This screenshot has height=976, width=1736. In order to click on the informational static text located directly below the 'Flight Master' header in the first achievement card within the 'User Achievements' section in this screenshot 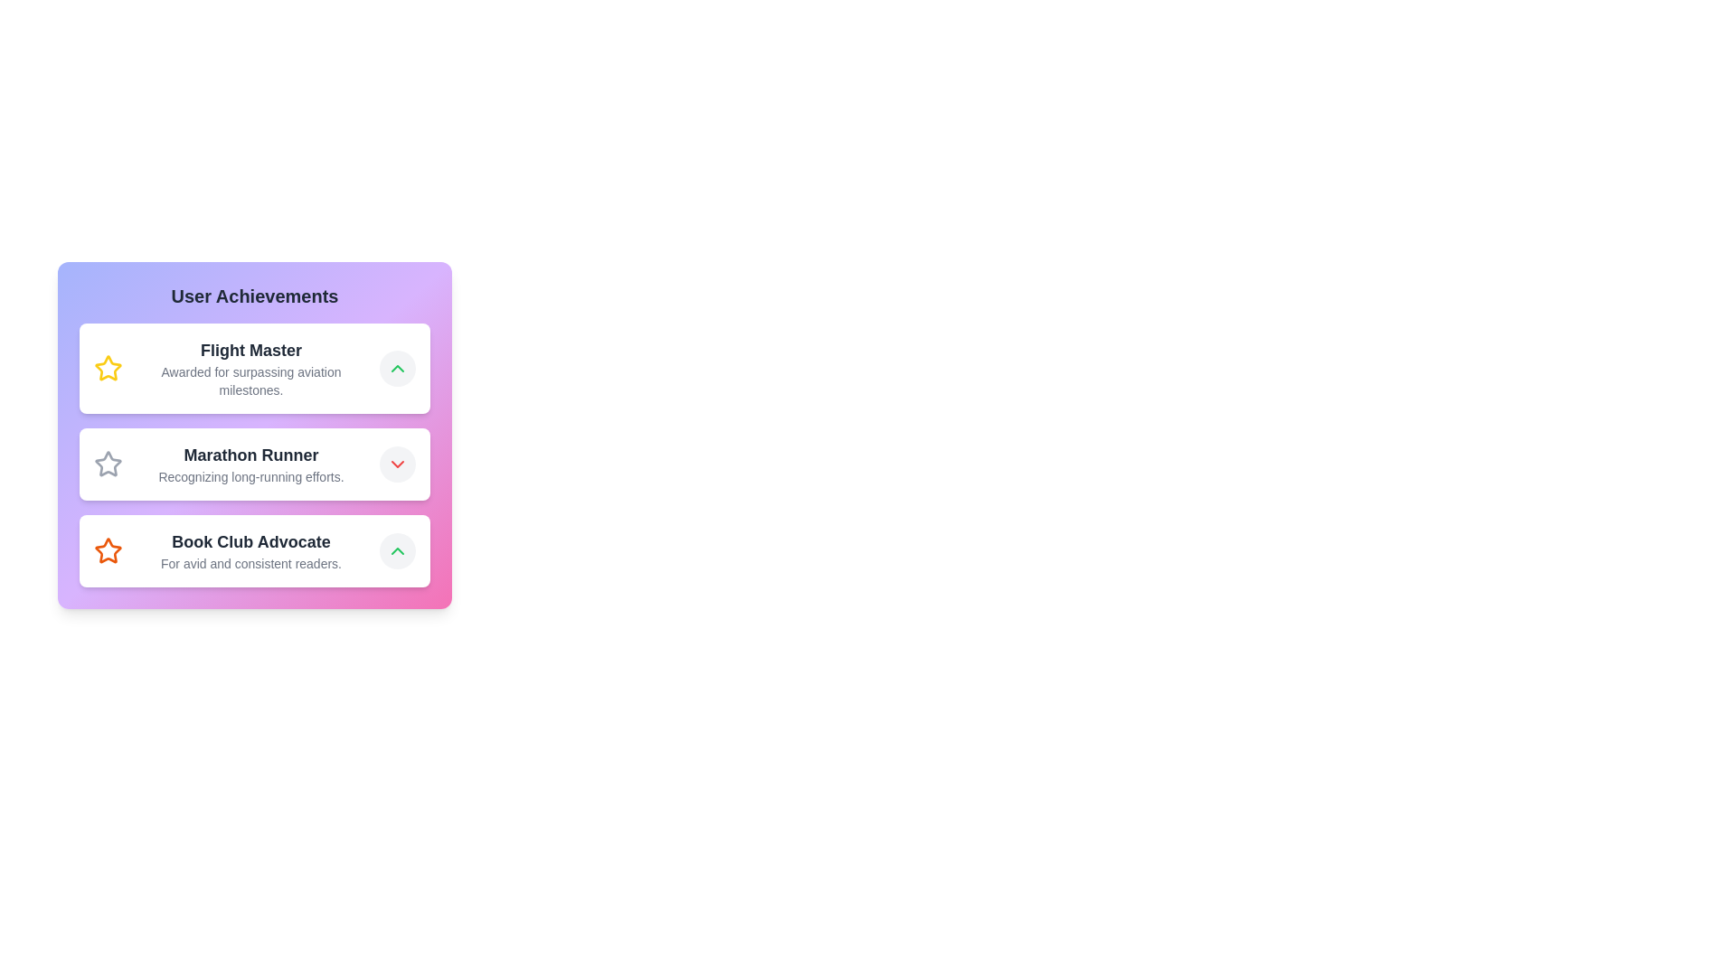, I will do `click(250, 380)`.